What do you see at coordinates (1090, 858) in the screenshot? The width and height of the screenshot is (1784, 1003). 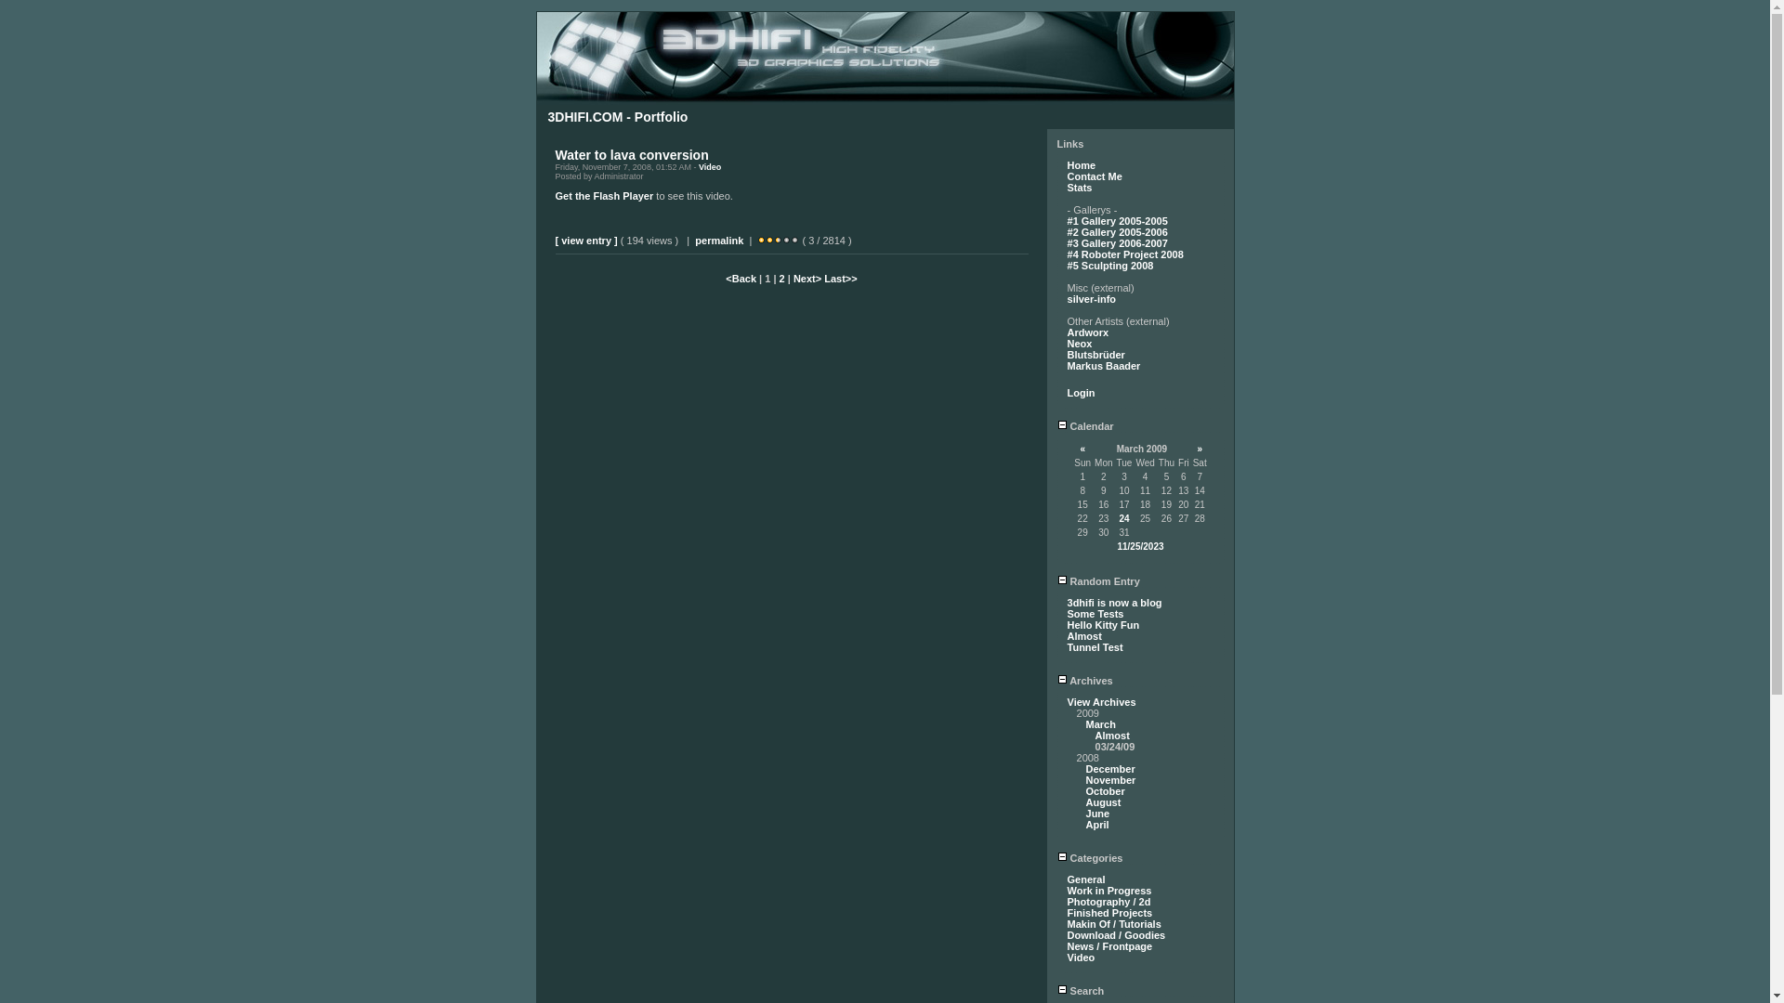 I see `'Categories'` at bounding box center [1090, 858].